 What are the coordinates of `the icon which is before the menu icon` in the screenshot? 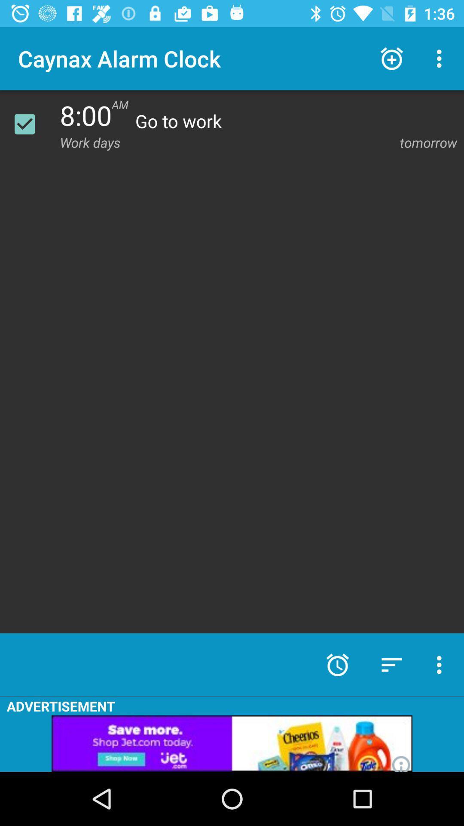 It's located at (391, 59).